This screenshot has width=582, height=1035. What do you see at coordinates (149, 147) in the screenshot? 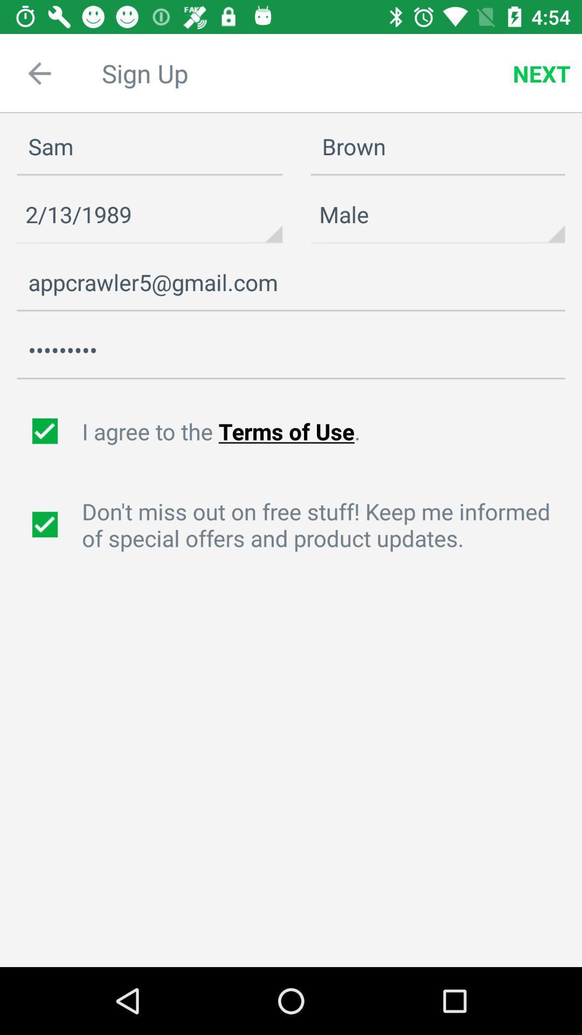
I see `the first name text box` at bounding box center [149, 147].